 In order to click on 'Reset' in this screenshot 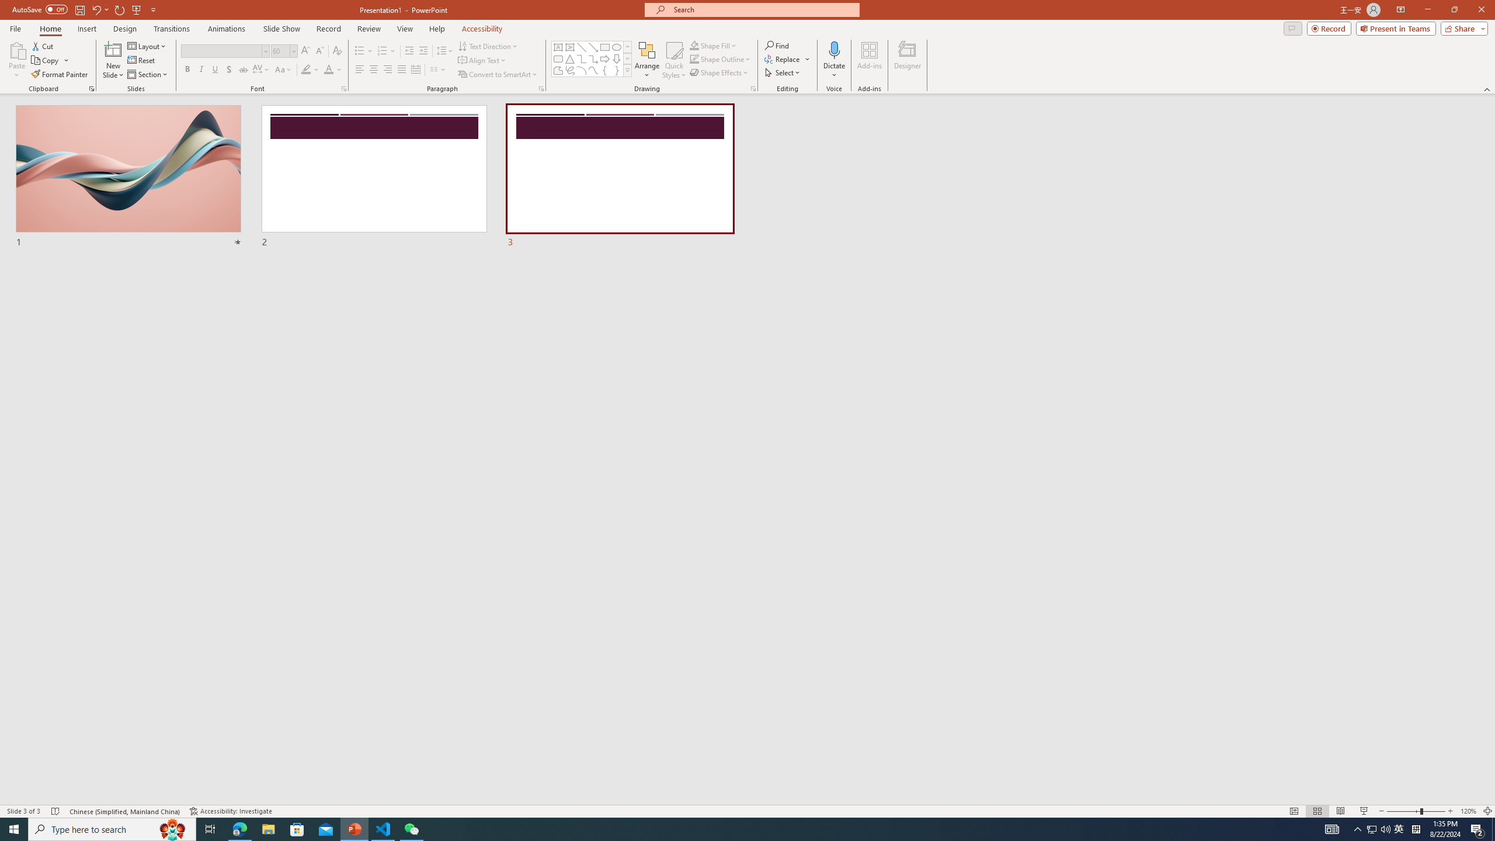, I will do `click(141, 60)`.